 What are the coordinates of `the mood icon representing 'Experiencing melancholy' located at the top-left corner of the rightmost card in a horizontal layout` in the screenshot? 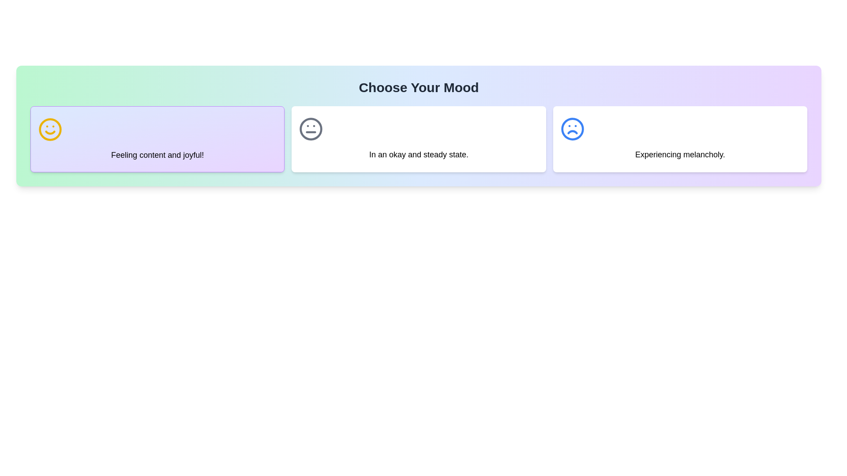 It's located at (572, 129).